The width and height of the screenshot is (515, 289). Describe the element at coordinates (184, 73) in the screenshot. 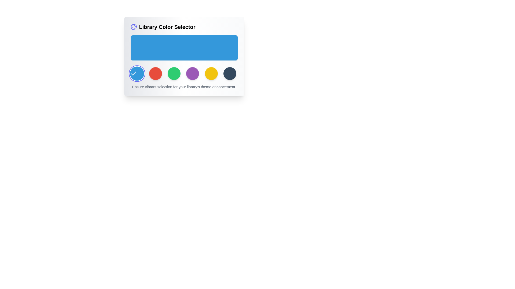

I see `the fourth circular button (green) in the horizontally aligned group of six color buttons below the title 'Library Color Selector'` at that location.